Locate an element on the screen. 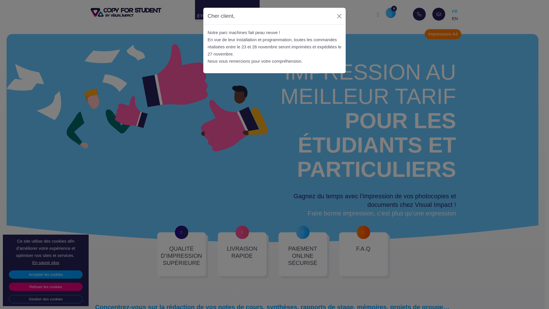 This screenshot has width=549, height=309. 'En savoir plus' is located at coordinates (45, 262).